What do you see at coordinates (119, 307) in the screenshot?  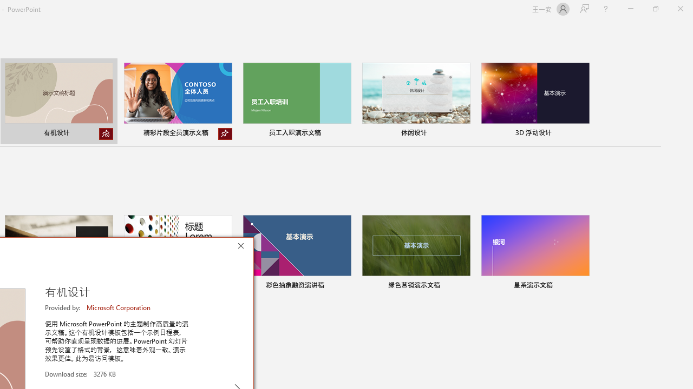 I see `'Microsoft Corporation'` at bounding box center [119, 307].